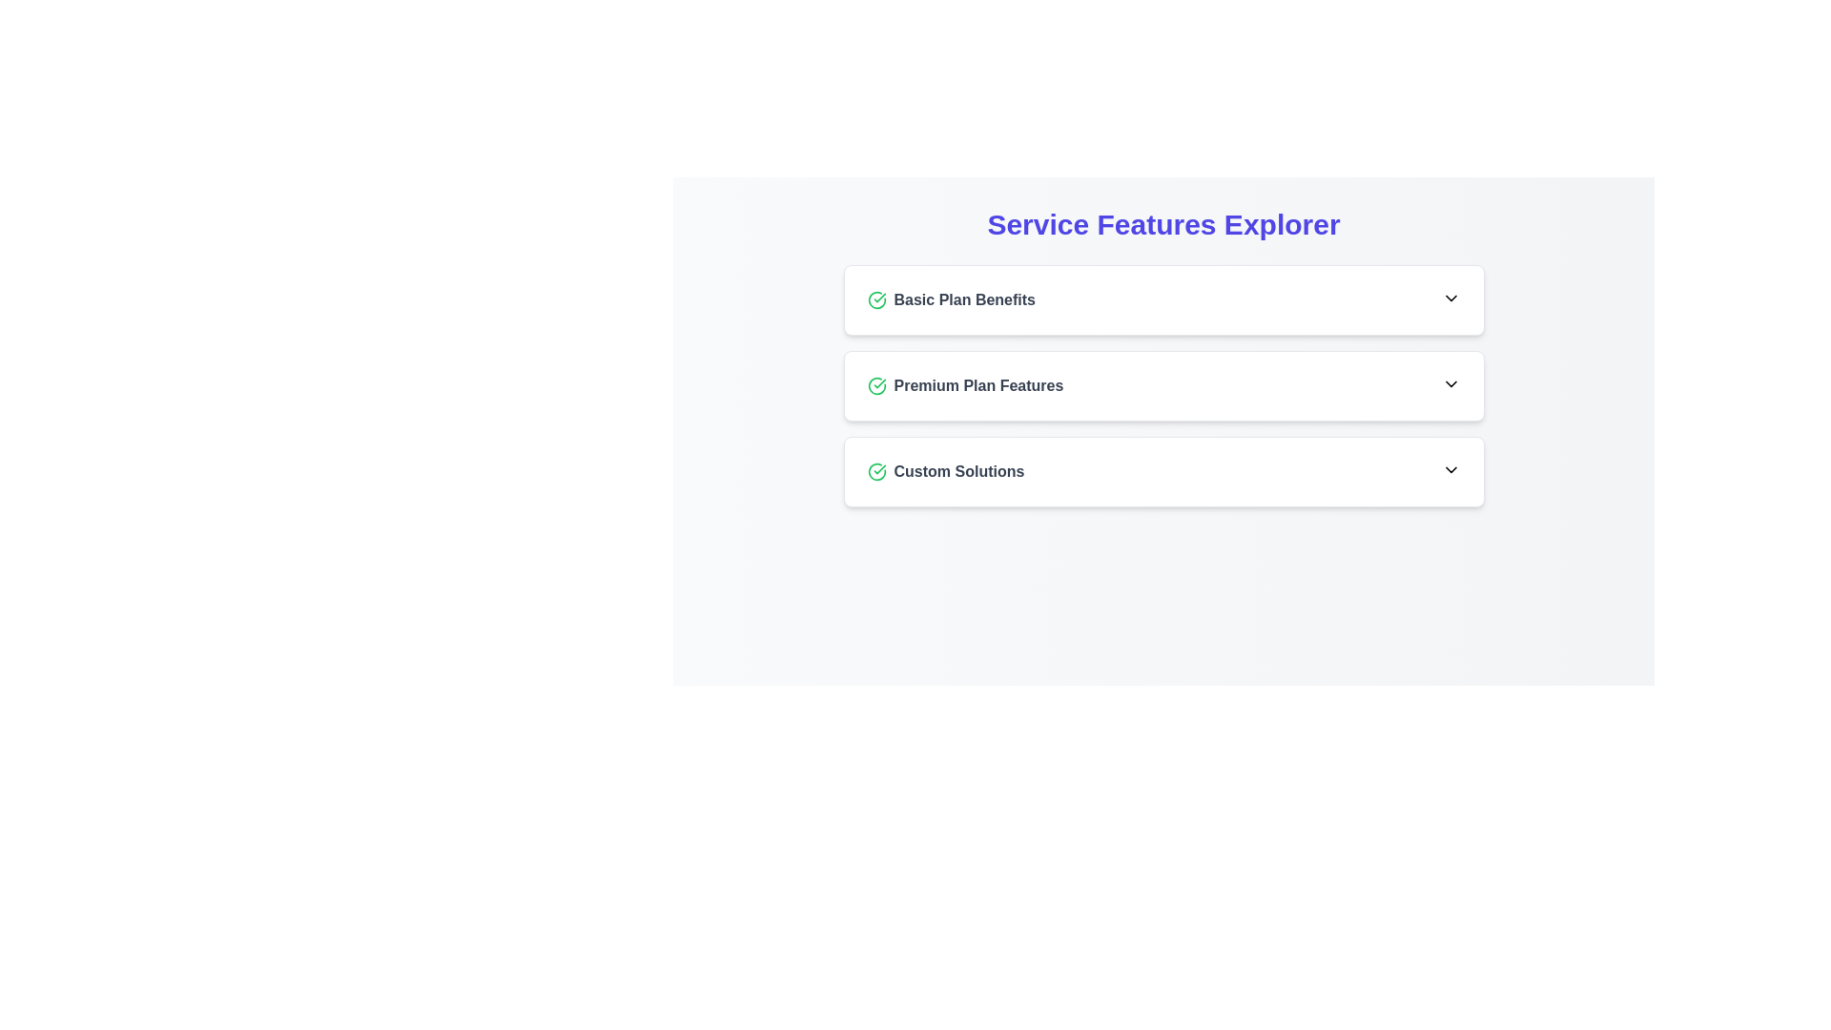  I want to click on the 'Custom Solutions' expandable section label, which is the third item under 'Premium Plan Features', so click(945, 471).